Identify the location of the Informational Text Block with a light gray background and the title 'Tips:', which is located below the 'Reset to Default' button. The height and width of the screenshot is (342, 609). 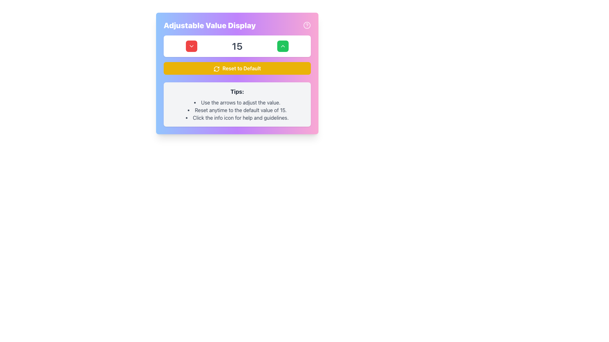
(237, 104).